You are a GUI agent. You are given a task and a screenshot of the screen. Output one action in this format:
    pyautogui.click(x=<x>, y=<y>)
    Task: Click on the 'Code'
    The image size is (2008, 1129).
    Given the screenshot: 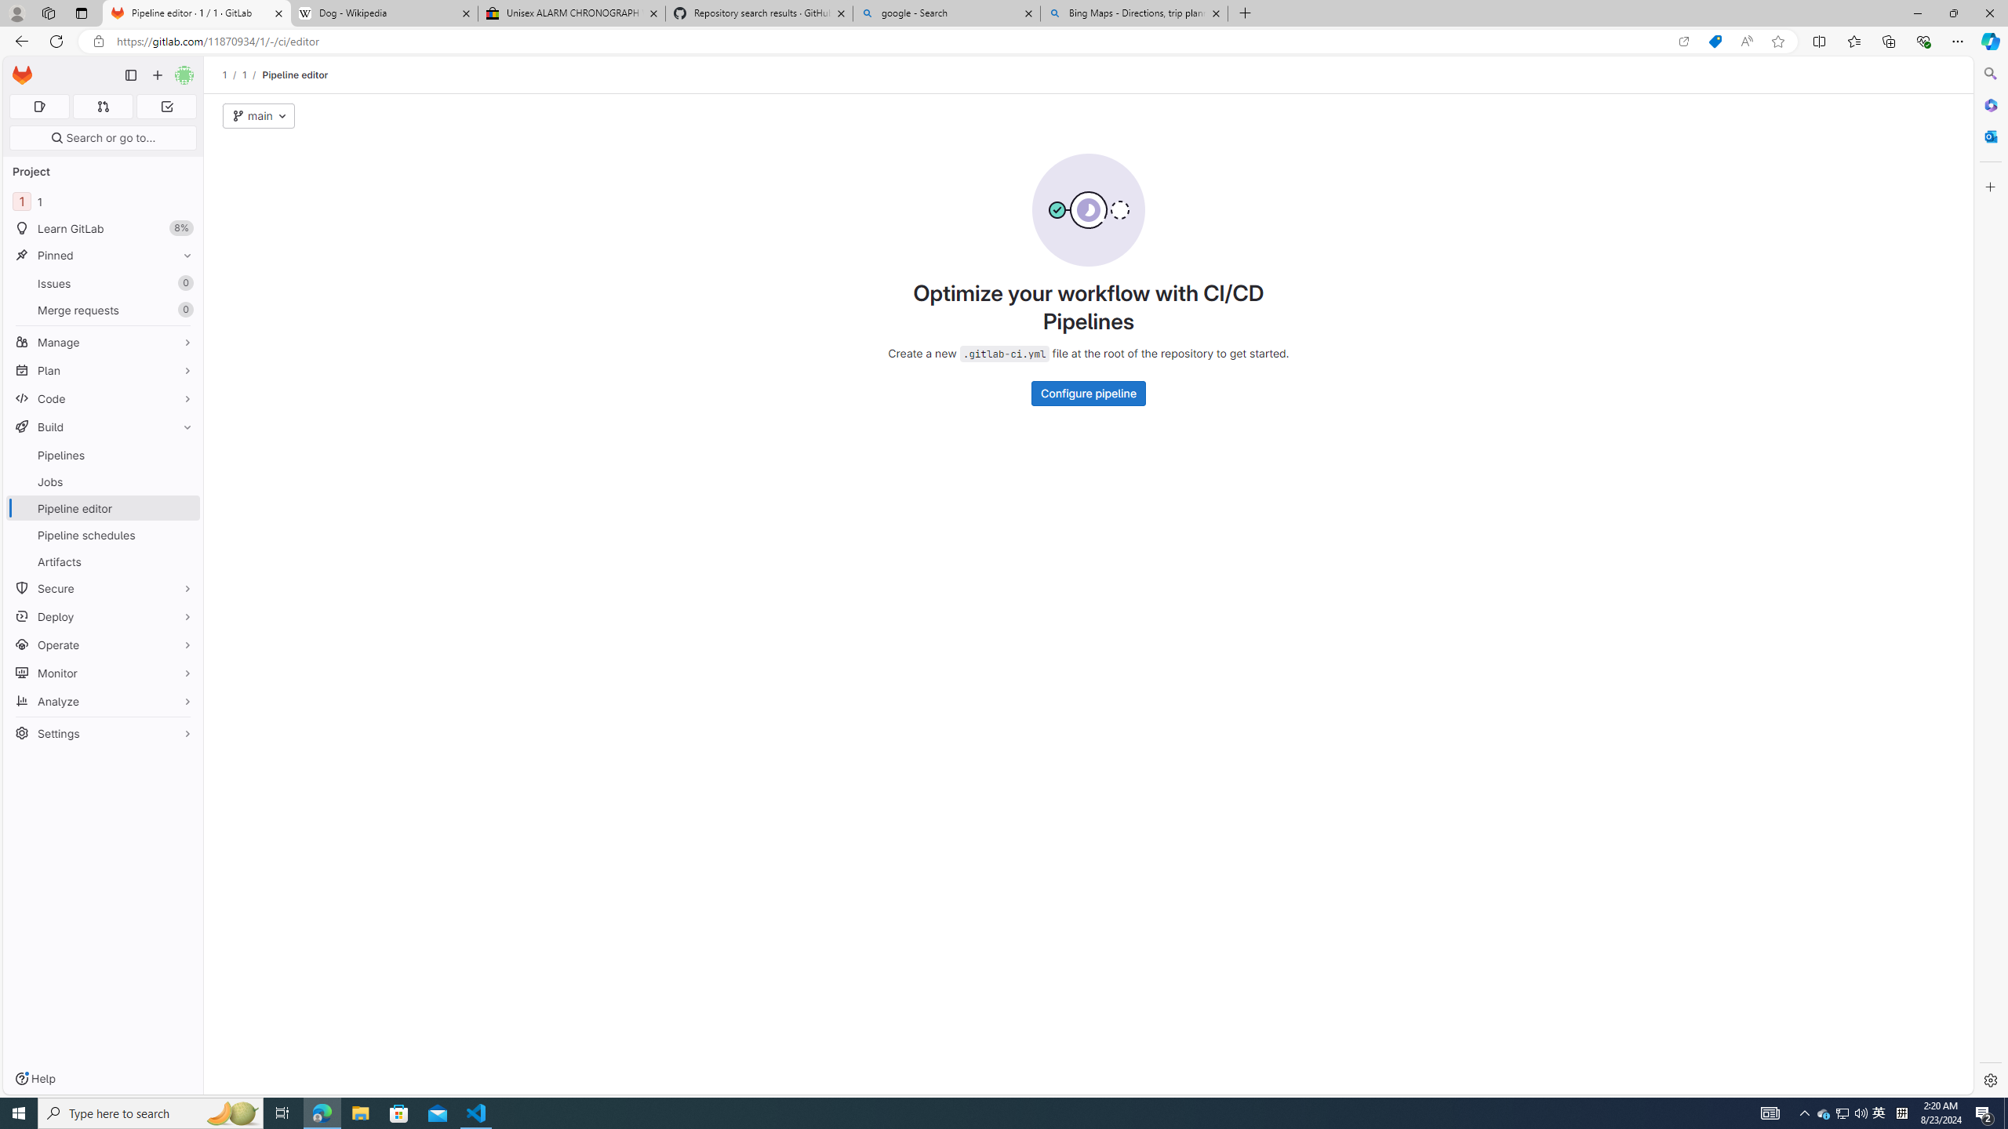 What is the action you would take?
    pyautogui.click(x=102, y=399)
    